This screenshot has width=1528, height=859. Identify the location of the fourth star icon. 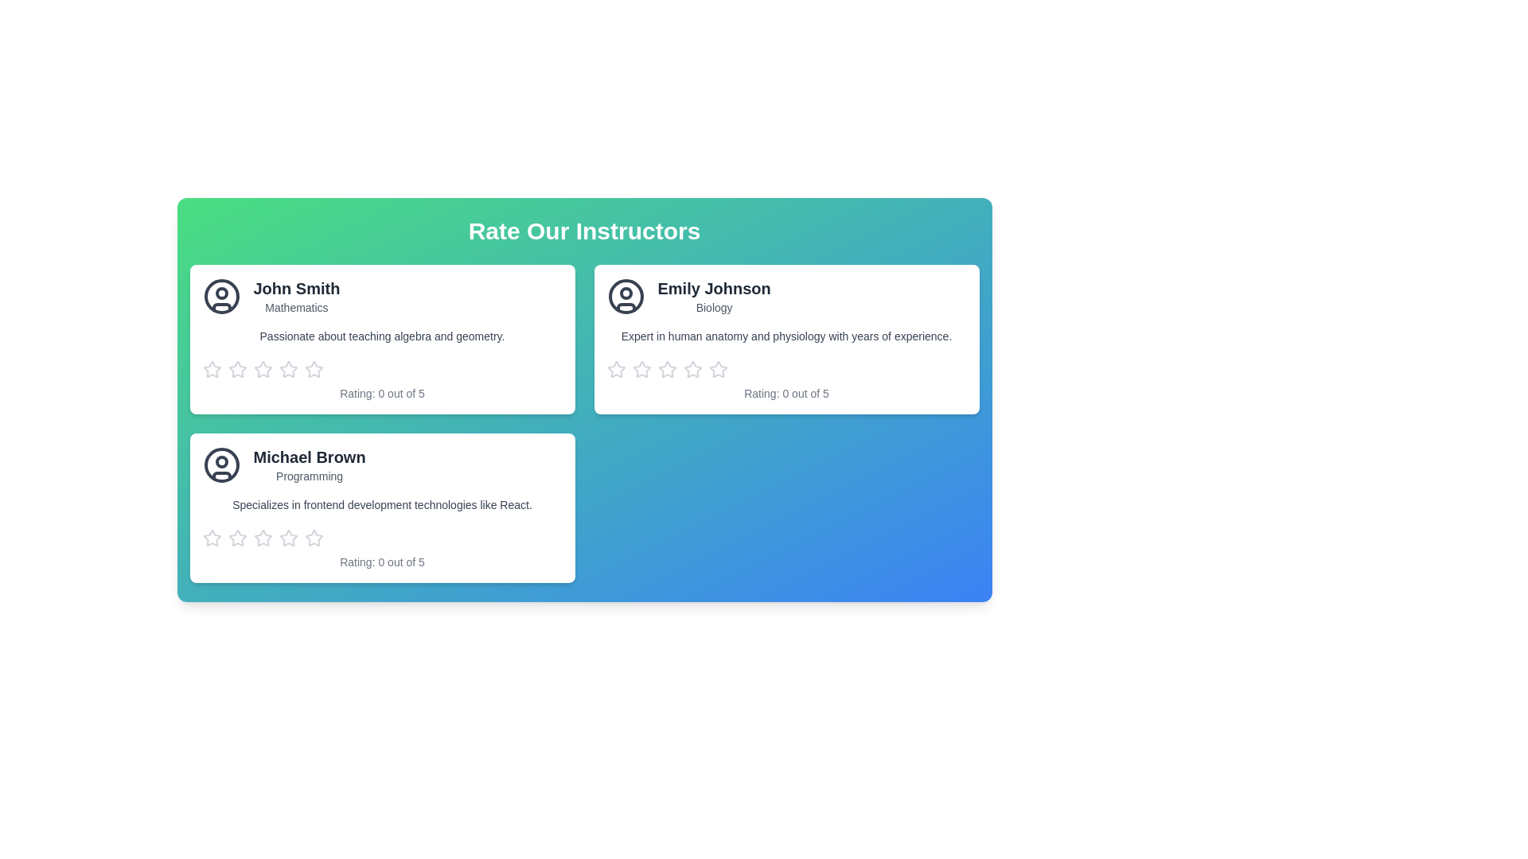
(263, 538).